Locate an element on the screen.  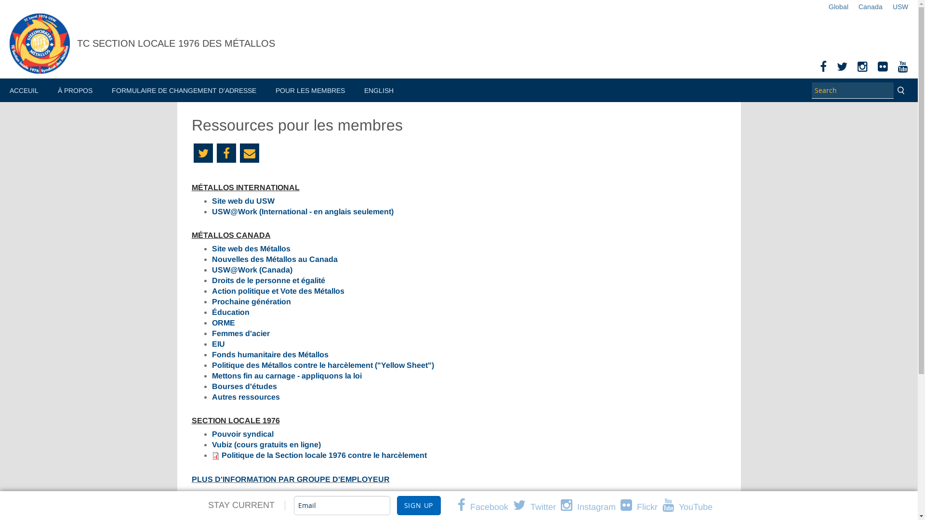
'USW' is located at coordinates (895, 7).